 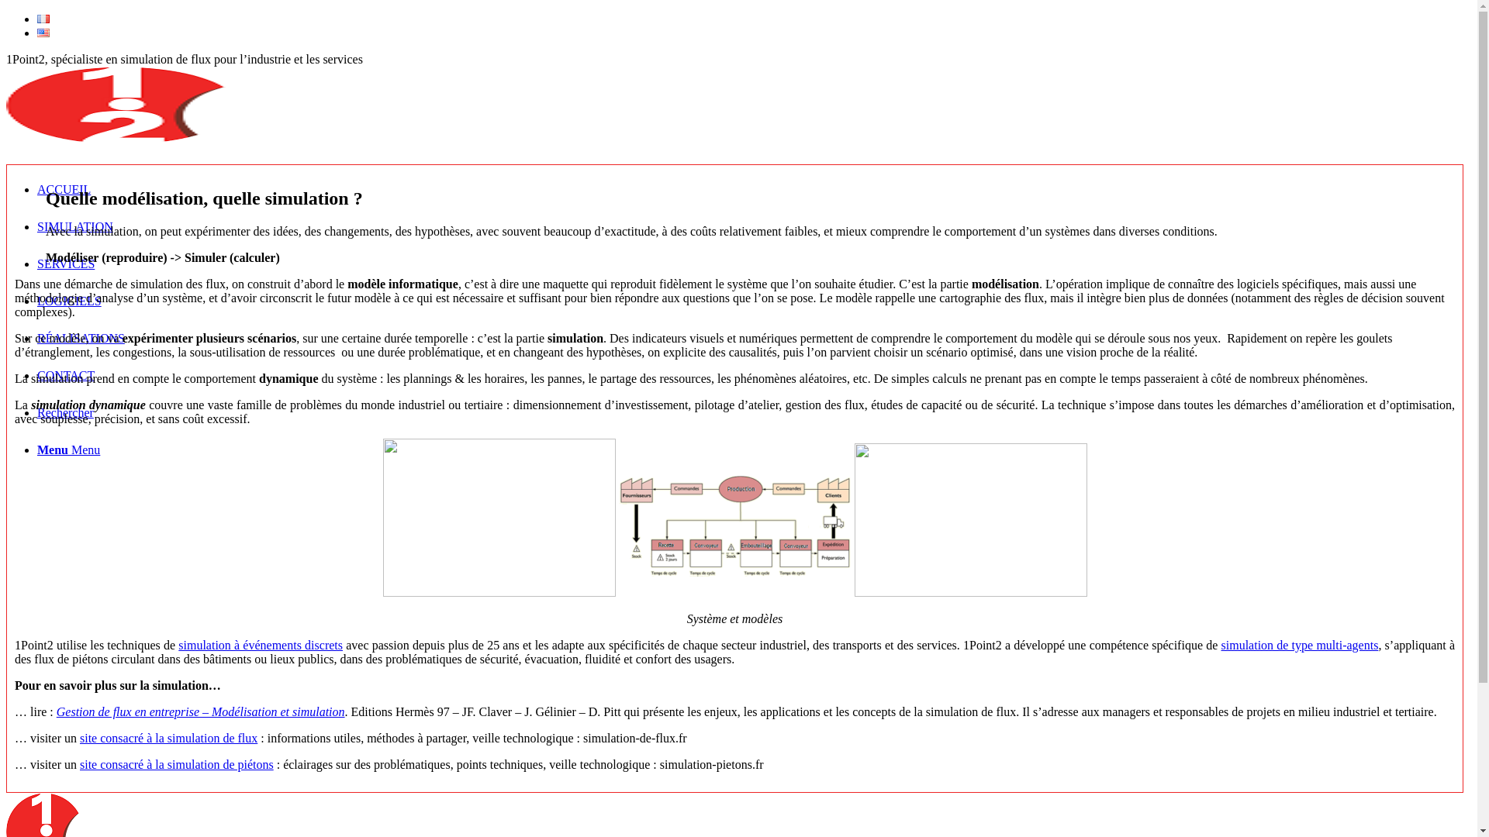 What do you see at coordinates (63, 188) in the screenshot?
I see `'ACCUEIL'` at bounding box center [63, 188].